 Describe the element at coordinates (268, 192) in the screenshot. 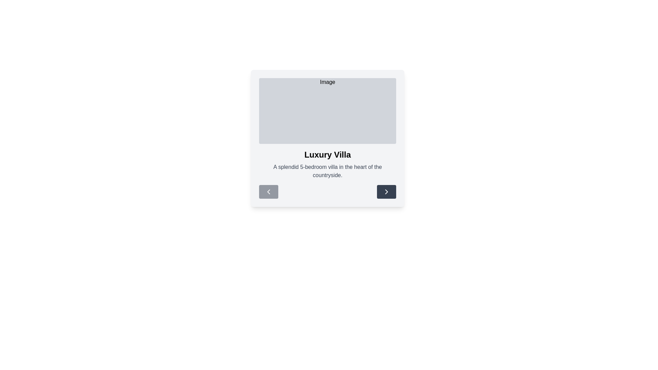

I see `the chevron icon within the button located in the lower-left corner of the Luxury Villa card` at that location.